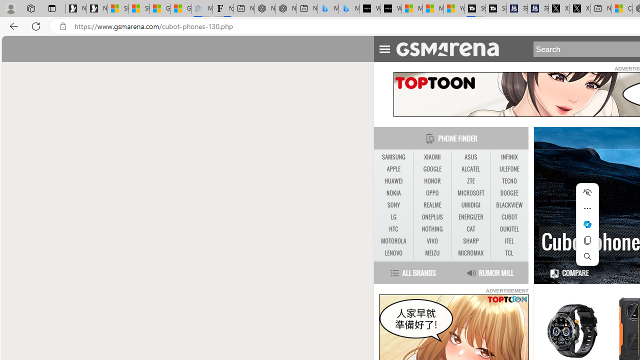 The height and width of the screenshot is (360, 640). Describe the element at coordinates (587, 223) in the screenshot. I see `'Ask Copilot'` at that location.